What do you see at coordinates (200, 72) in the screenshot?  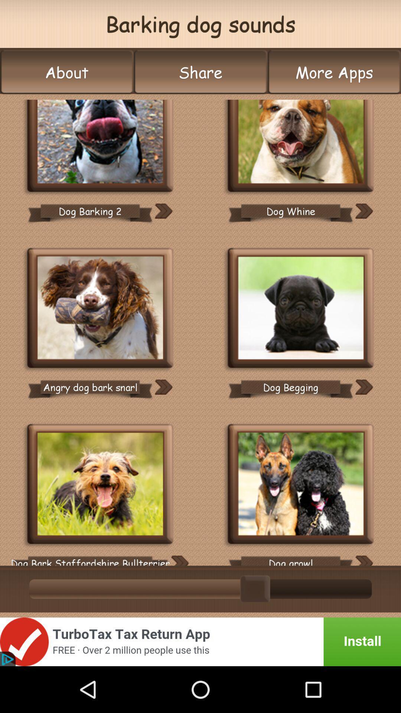 I see `app below the barking dog sounds icon` at bounding box center [200, 72].